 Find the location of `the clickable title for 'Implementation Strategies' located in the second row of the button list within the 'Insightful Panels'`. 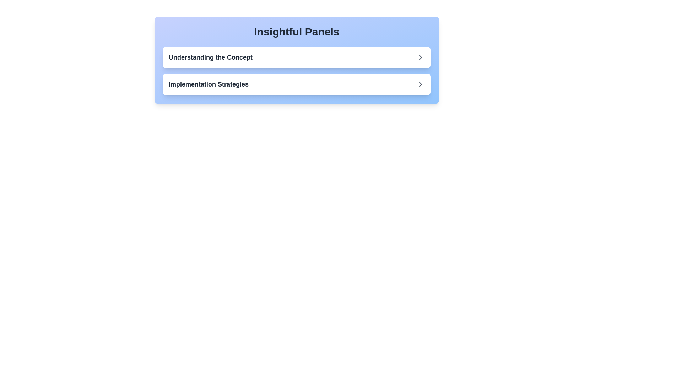

the clickable title for 'Implementation Strategies' located in the second row of the button list within the 'Insightful Panels' is located at coordinates (208, 84).